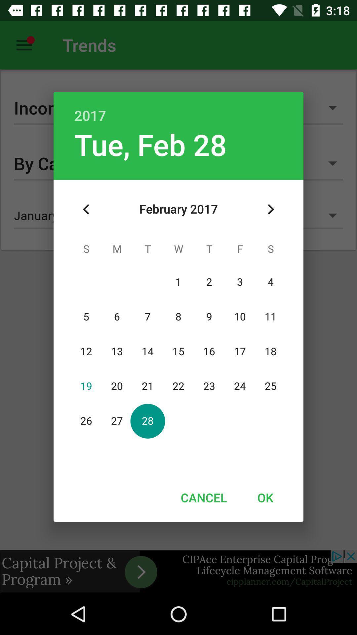  What do you see at coordinates (178, 108) in the screenshot?
I see `2017 item` at bounding box center [178, 108].